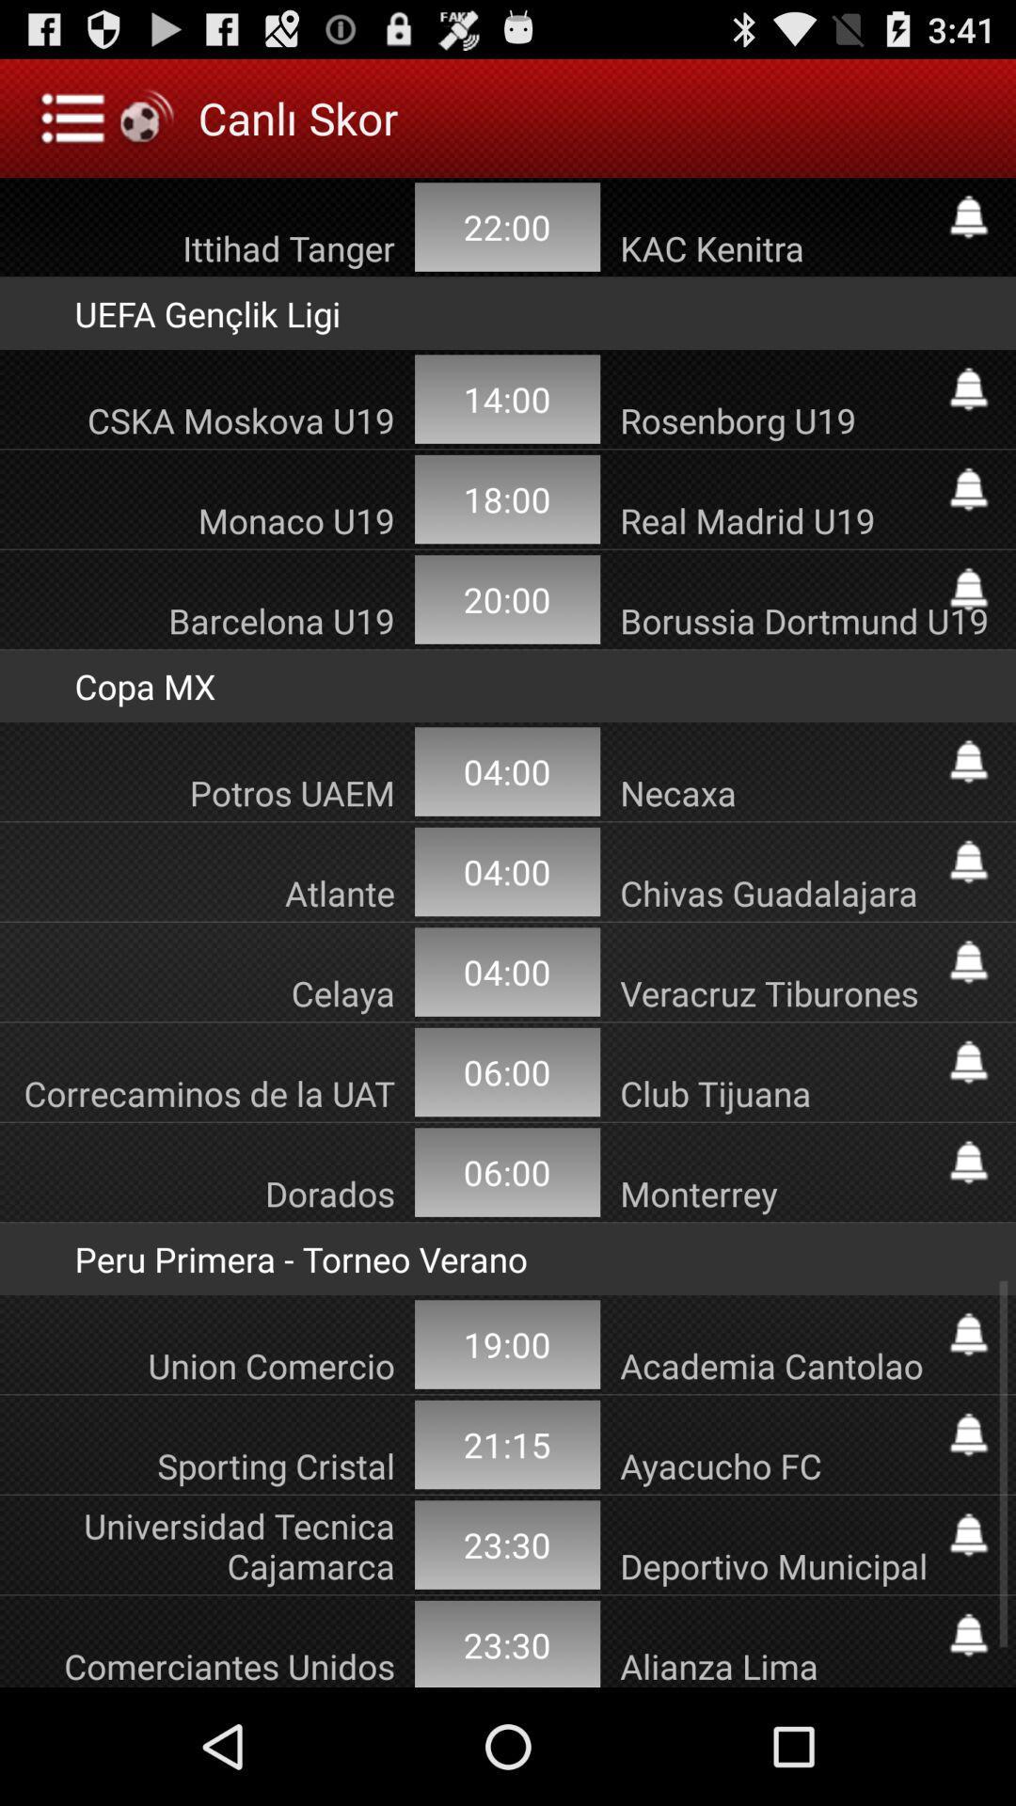  Describe the element at coordinates (968, 762) in the screenshot. I see `bell icon` at that location.